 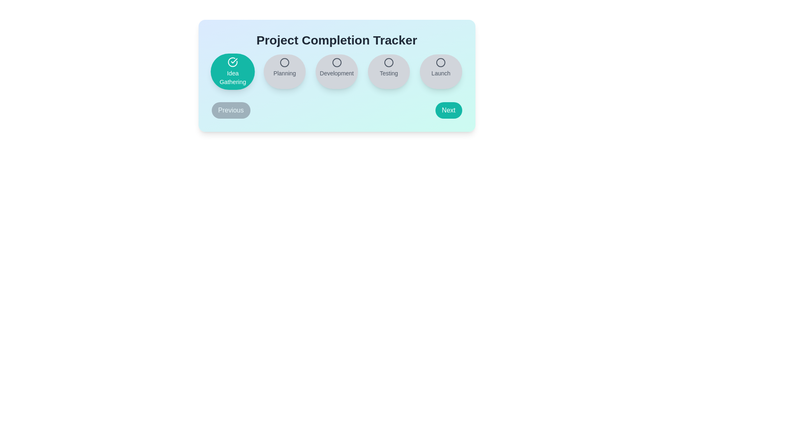 I want to click on the circular 'Planning' button with a light gray background and dark gray text, so click(x=285, y=71).